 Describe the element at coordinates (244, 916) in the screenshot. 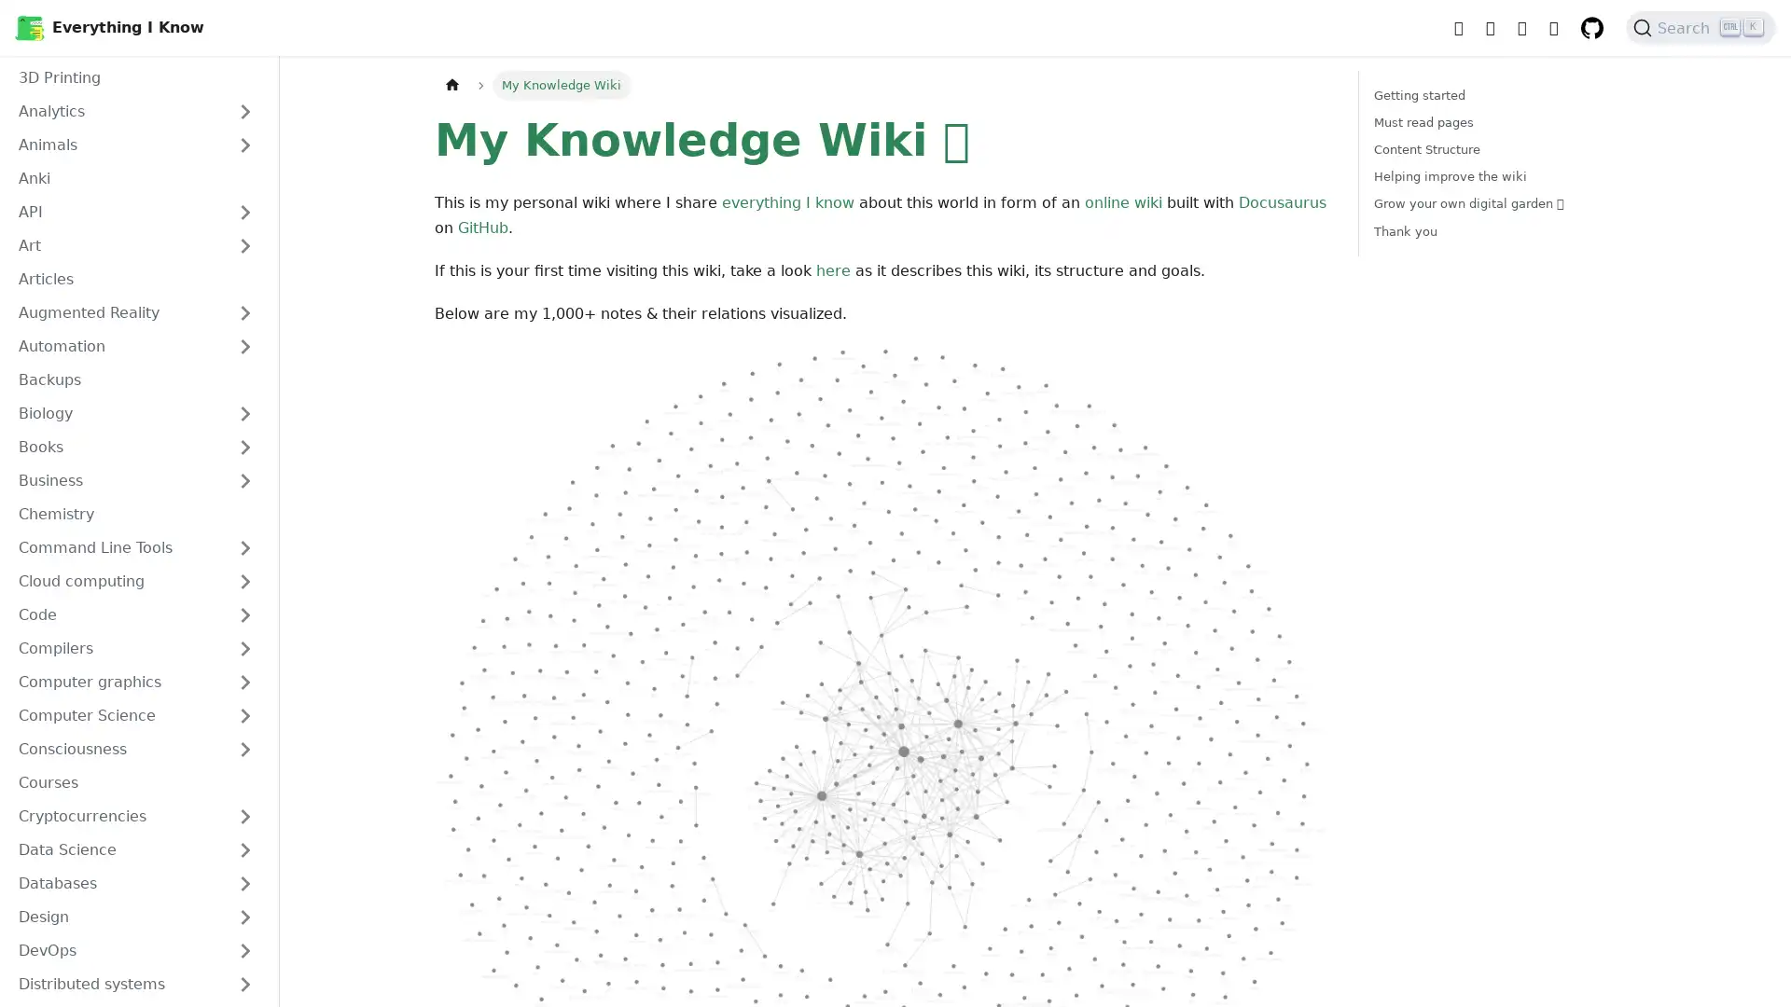

I see `Toggle the collapsible sidebar category 'Design'` at that location.